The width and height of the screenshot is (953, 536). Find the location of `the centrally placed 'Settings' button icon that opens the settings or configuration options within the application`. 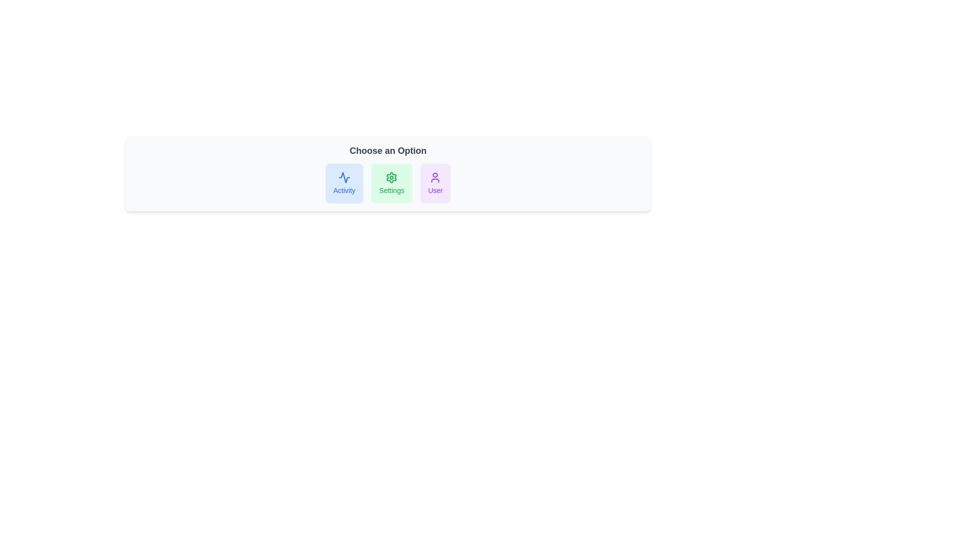

the centrally placed 'Settings' button icon that opens the settings or configuration options within the application is located at coordinates (391, 177).